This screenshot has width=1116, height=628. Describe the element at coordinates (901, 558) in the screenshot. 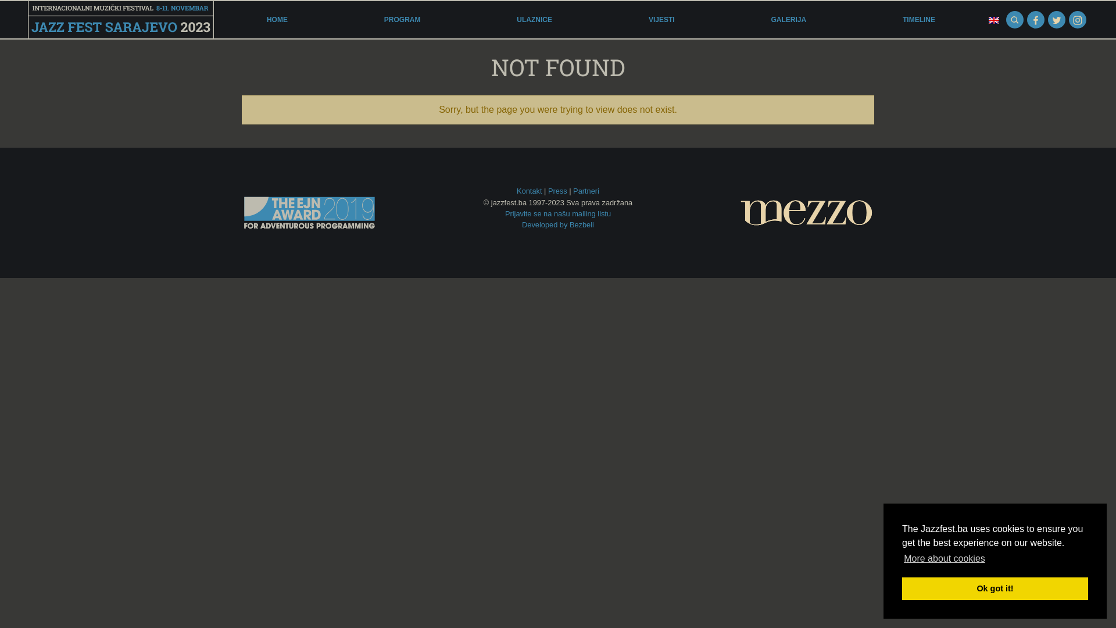

I see `'More about cookies'` at that location.